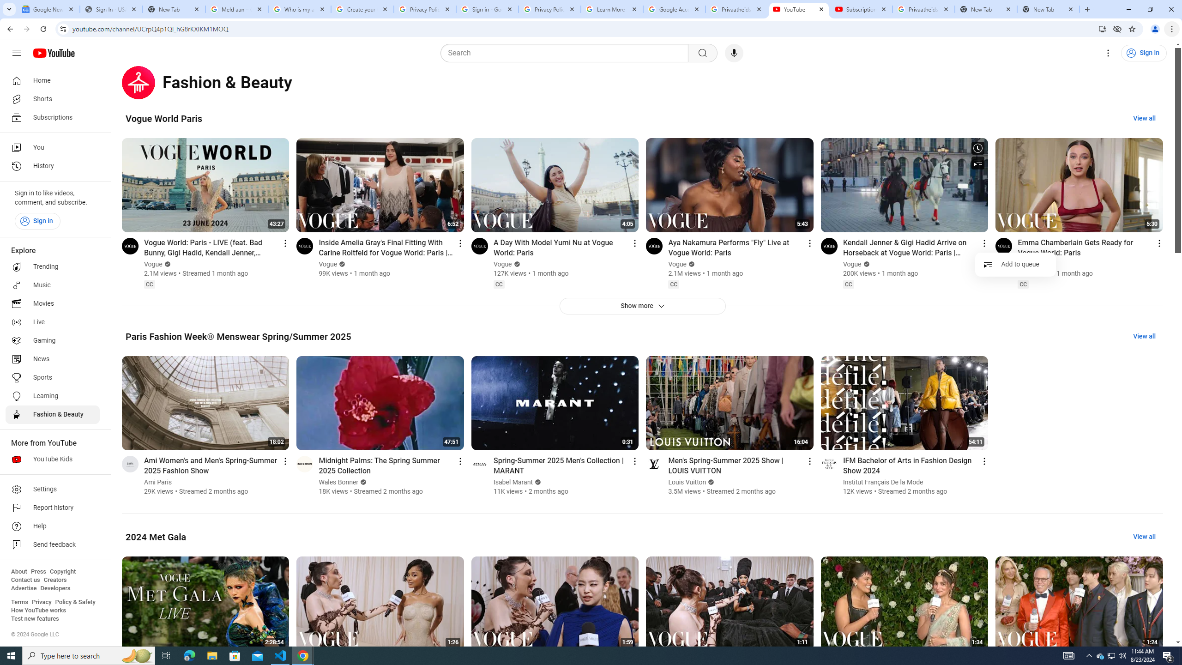 The width and height of the screenshot is (1182, 665). What do you see at coordinates (48, 9) in the screenshot?
I see `'Google News'` at bounding box center [48, 9].